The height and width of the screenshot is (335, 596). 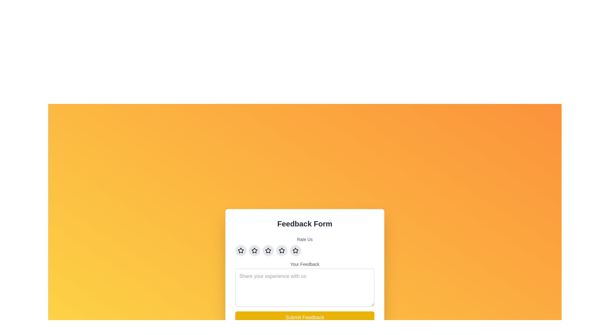 What do you see at coordinates (268, 250) in the screenshot?
I see `the third star-shaped rating icon` at bounding box center [268, 250].